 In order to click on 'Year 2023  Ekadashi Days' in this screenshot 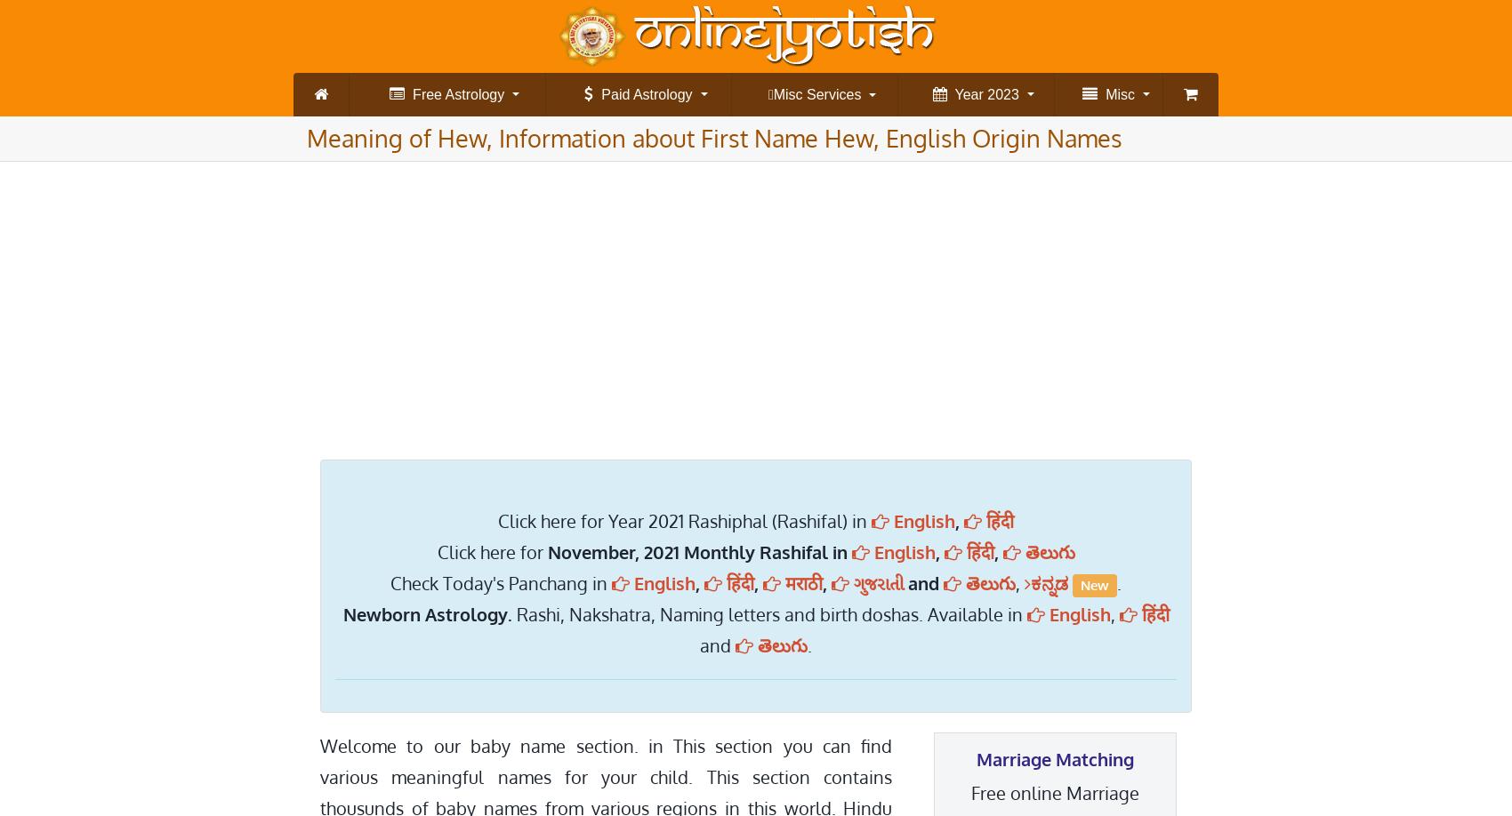, I will do `click(1013, 150)`.